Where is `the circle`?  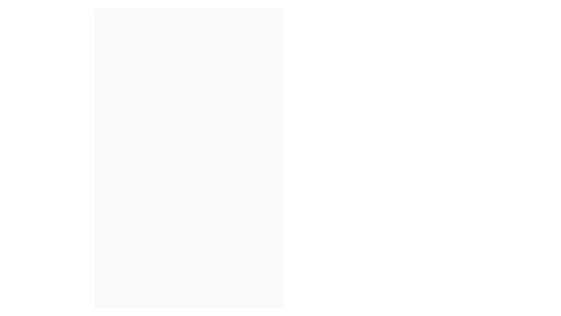
the circle is located at coordinates (343, 212).